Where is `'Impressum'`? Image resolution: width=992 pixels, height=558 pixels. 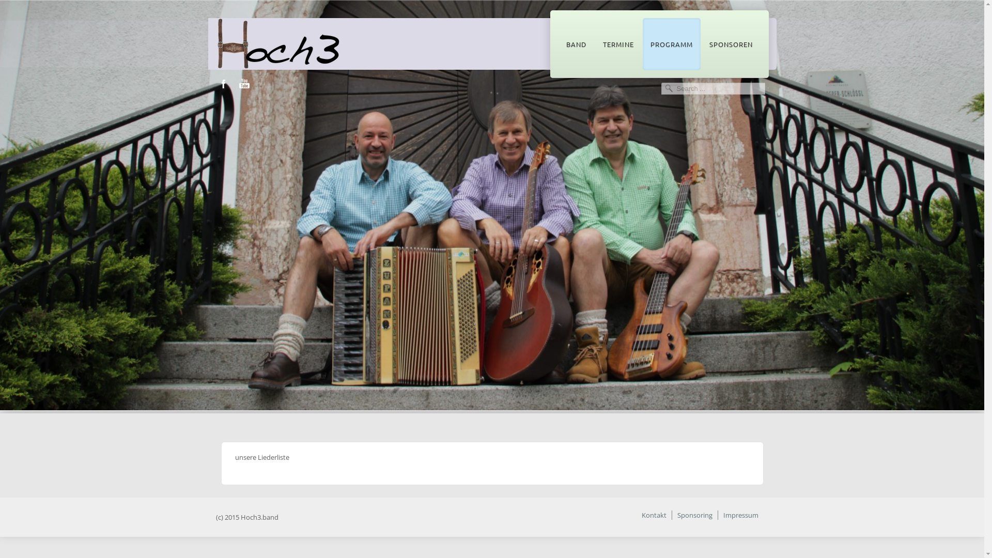
'Impressum' is located at coordinates (740, 515).